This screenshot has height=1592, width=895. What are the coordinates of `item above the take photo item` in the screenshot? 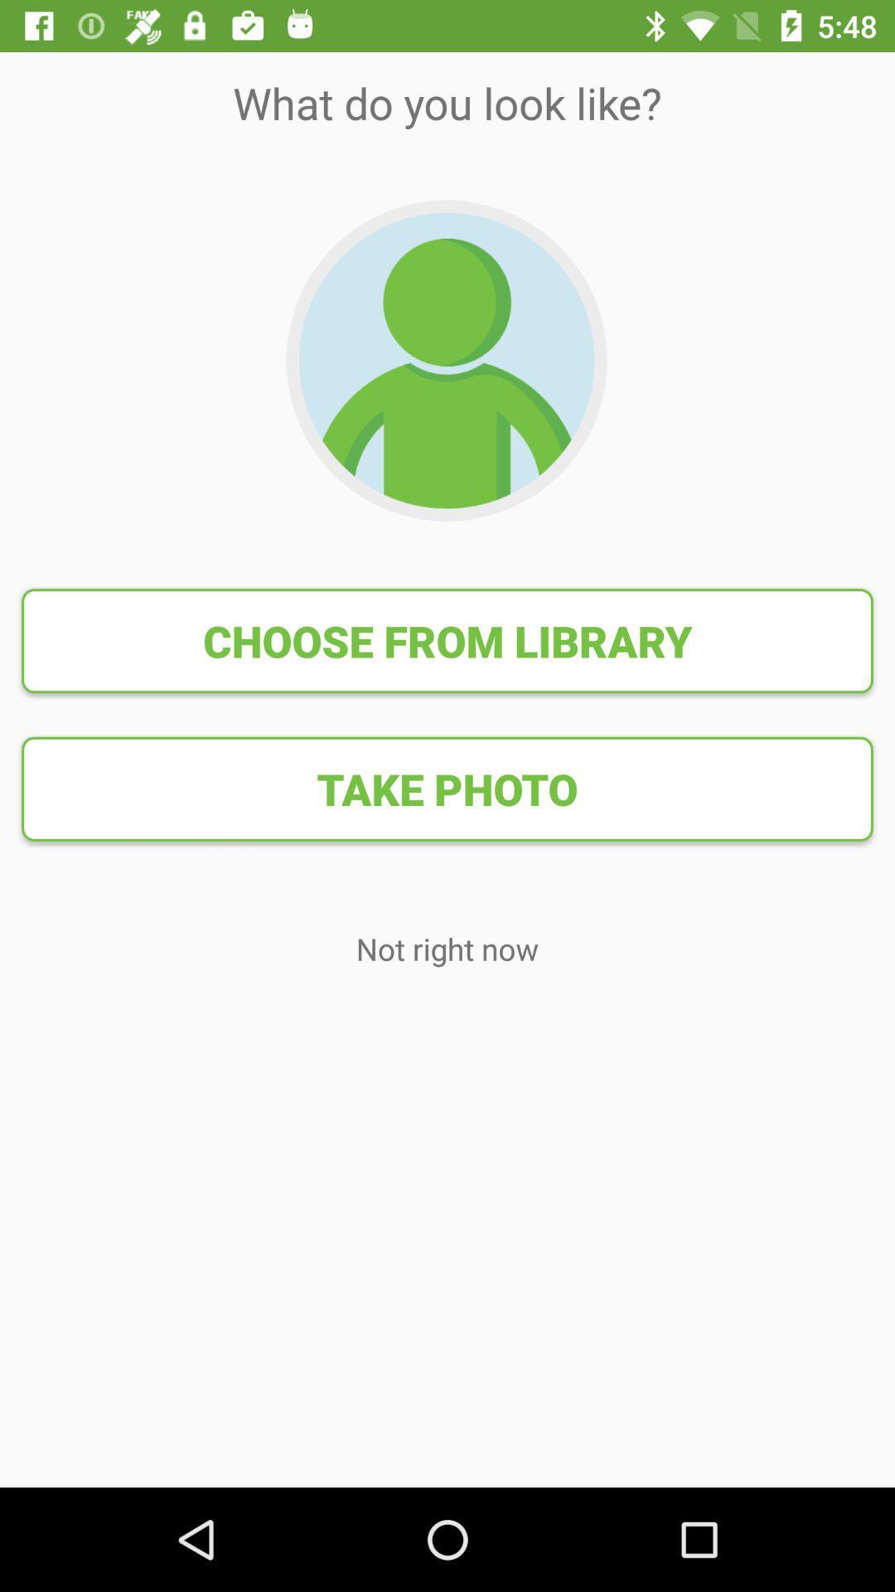 It's located at (447, 640).